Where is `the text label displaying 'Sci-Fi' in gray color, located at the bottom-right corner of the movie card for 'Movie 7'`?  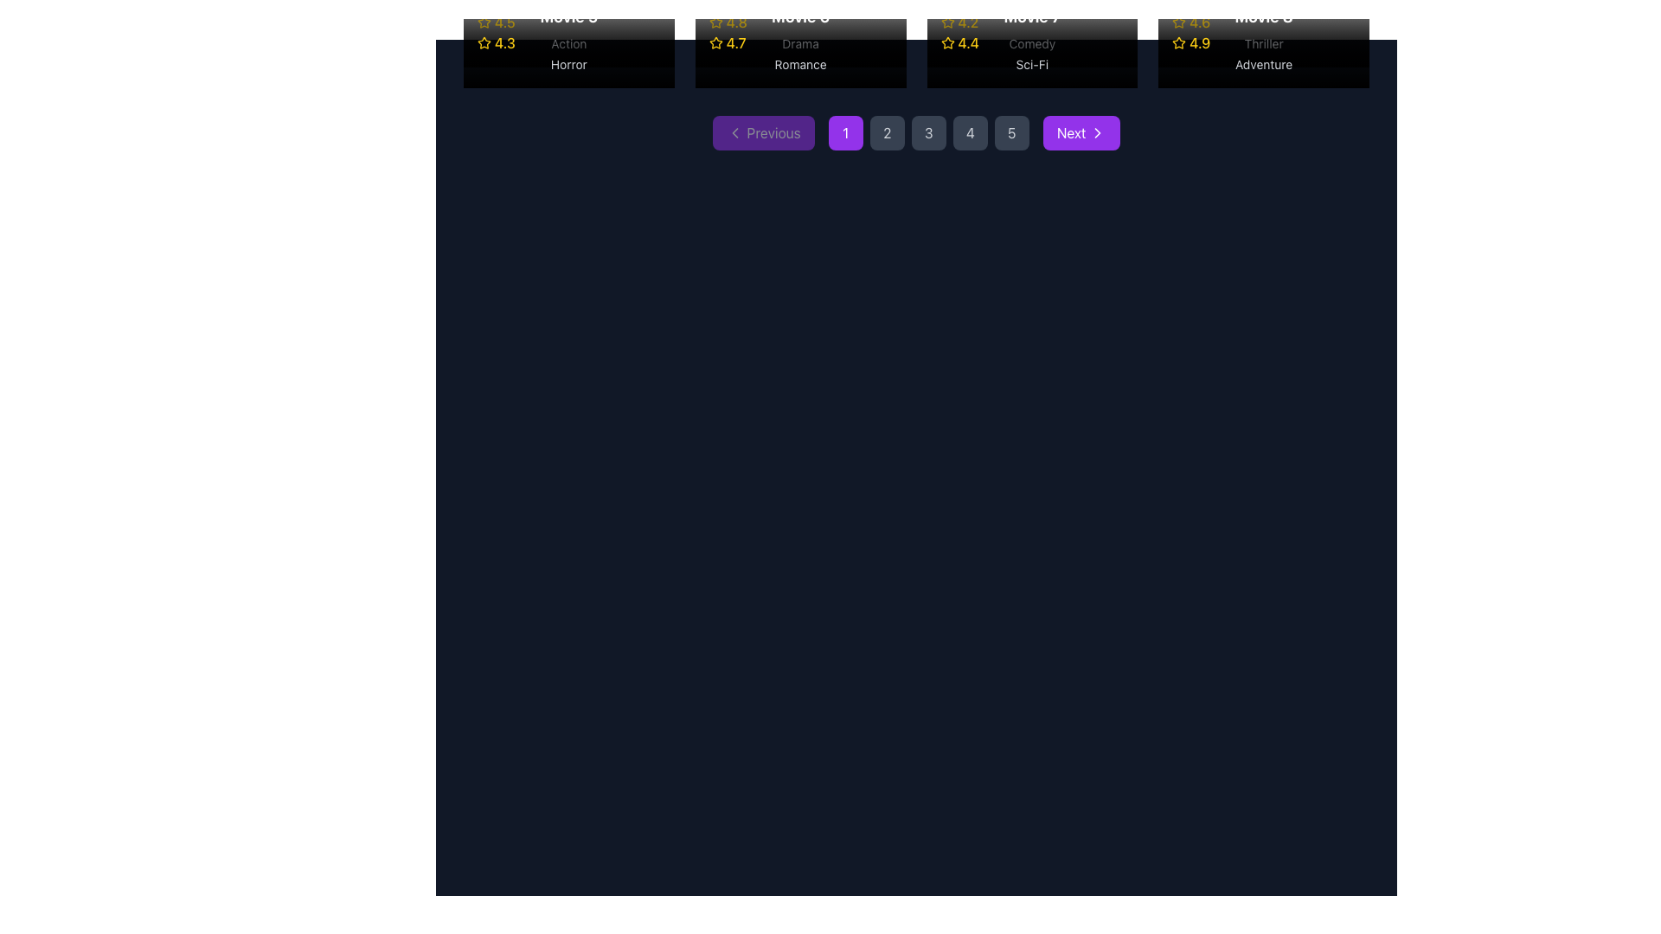
the text label displaying 'Sci-Fi' in gray color, located at the bottom-right corner of the movie card for 'Movie 7' is located at coordinates (1032, 63).